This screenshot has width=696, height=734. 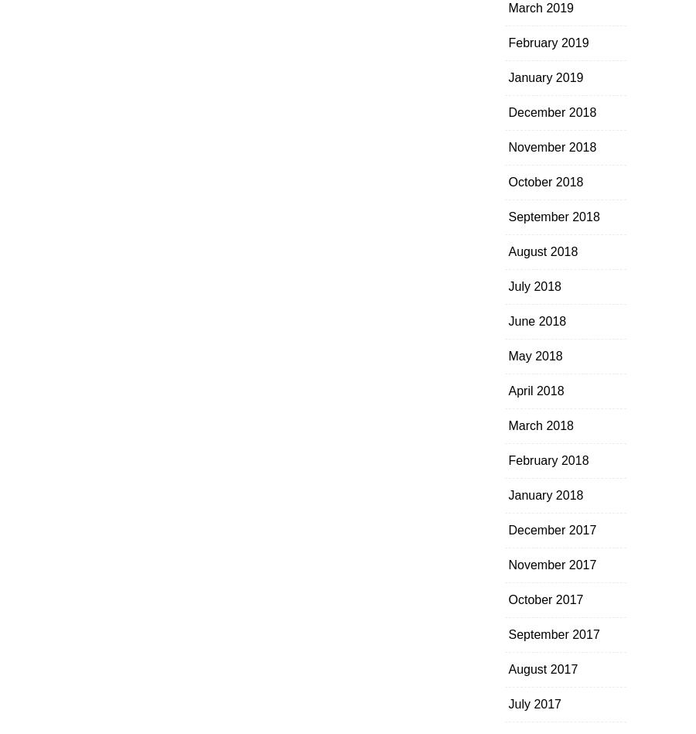 What do you see at coordinates (540, 8) in the screenshot?
I see `'March 2019'` at bounding box center [540, 8].